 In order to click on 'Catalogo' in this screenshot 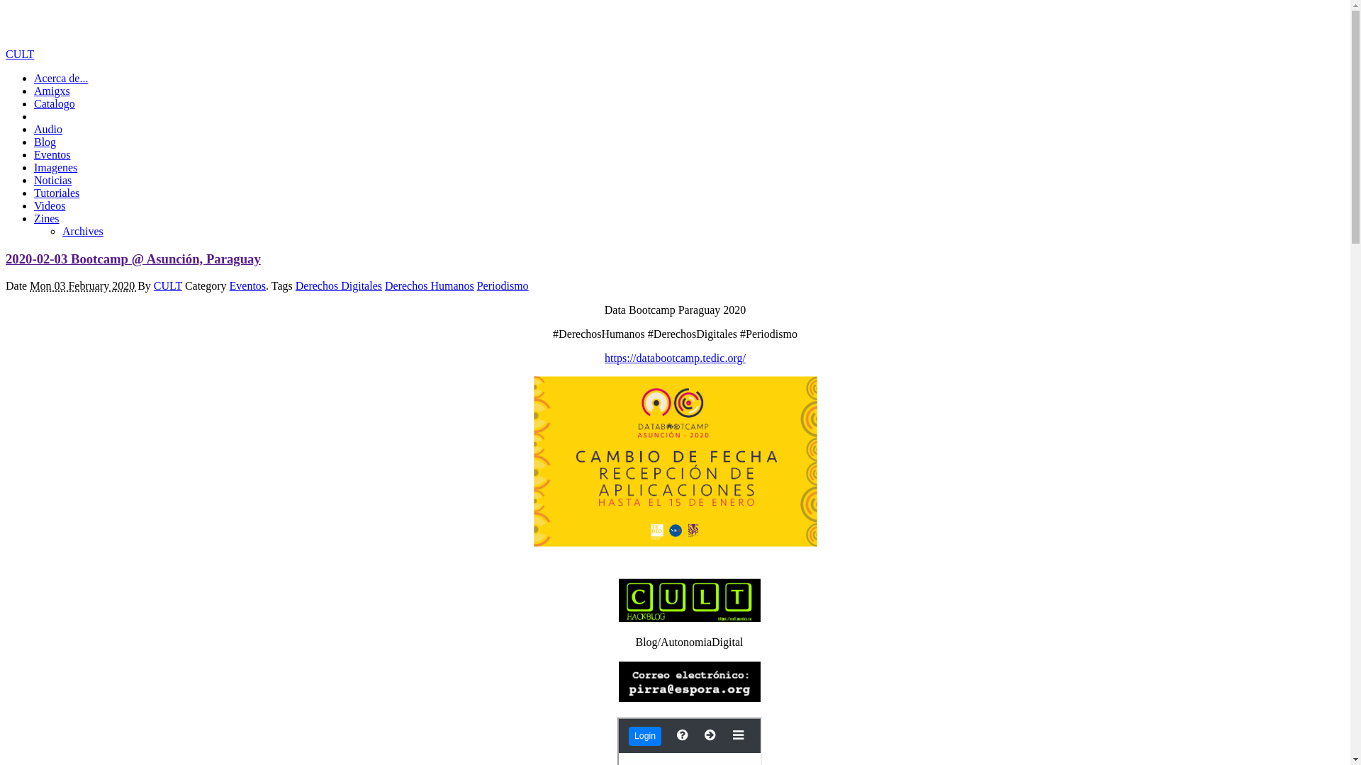, I will do `click(54, 103)`.